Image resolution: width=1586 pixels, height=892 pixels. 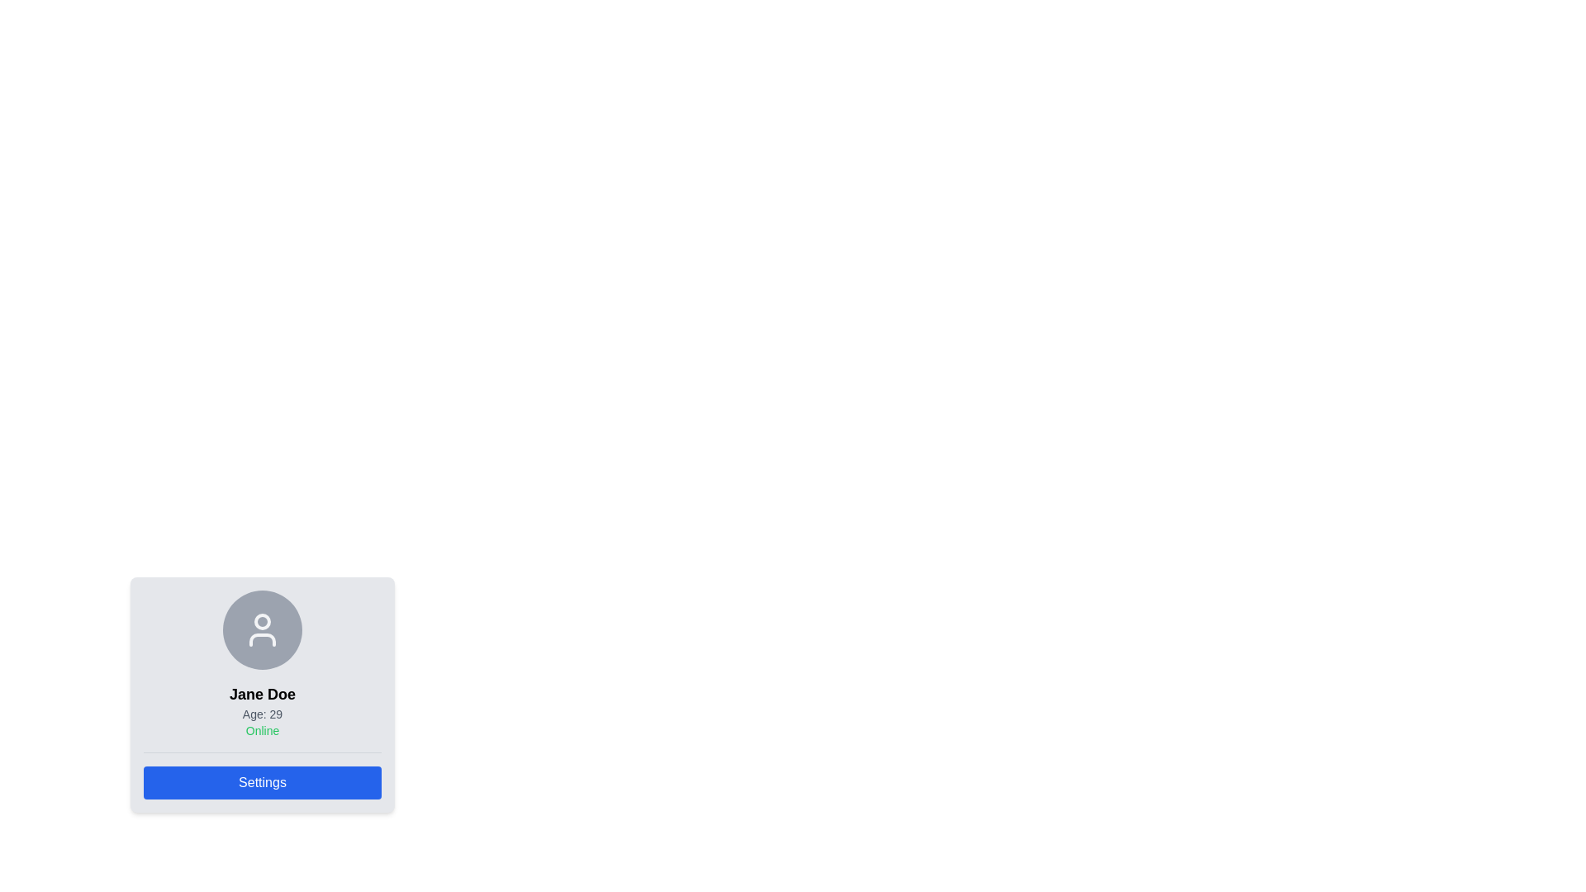 I want to click on the graphical circle element located at the top of the user profile card, which visually contributes to the avatar's representation, so click(x=261, y=621).